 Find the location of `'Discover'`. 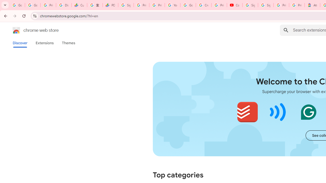

'Discover' is located at coordinates (20, 43).